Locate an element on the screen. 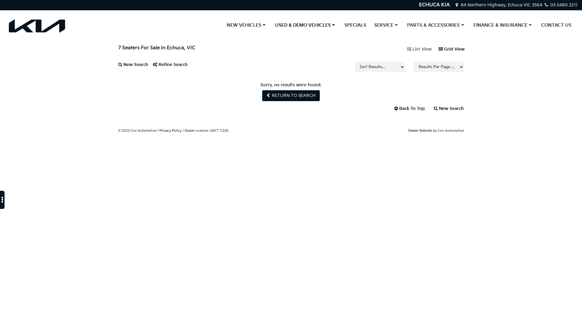  'Privacy Policy' is located at coordinates (170, 130).